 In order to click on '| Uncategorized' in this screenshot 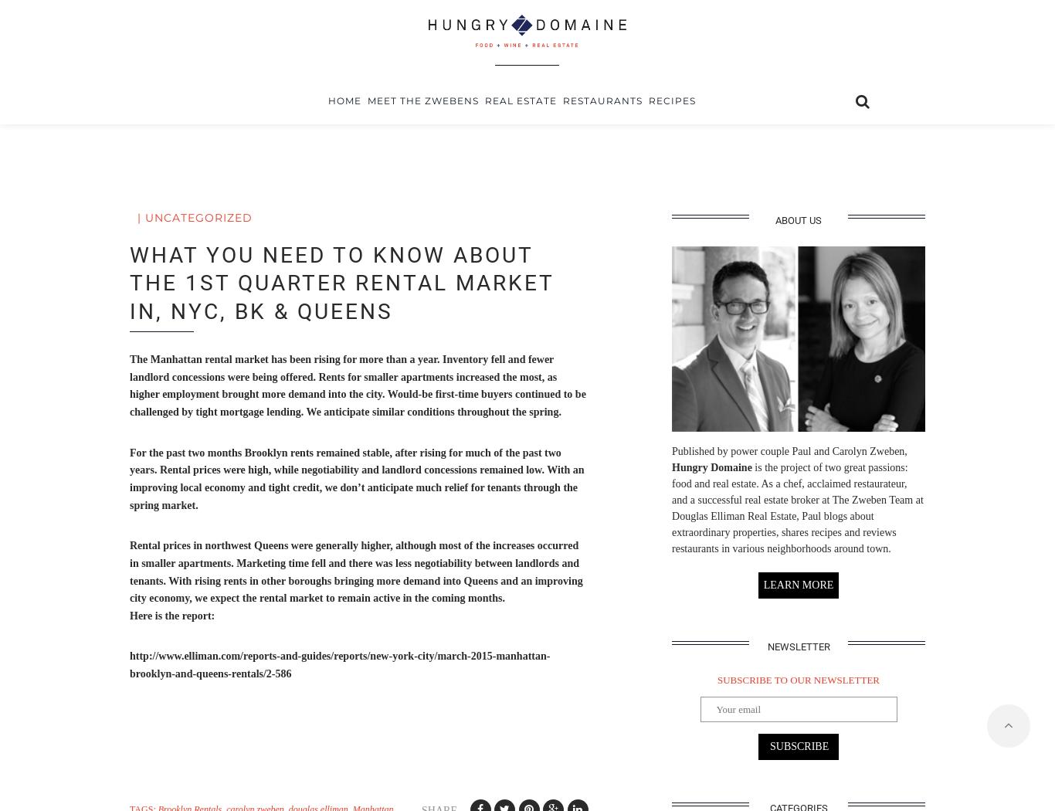, I will do `click(195, 217)`.